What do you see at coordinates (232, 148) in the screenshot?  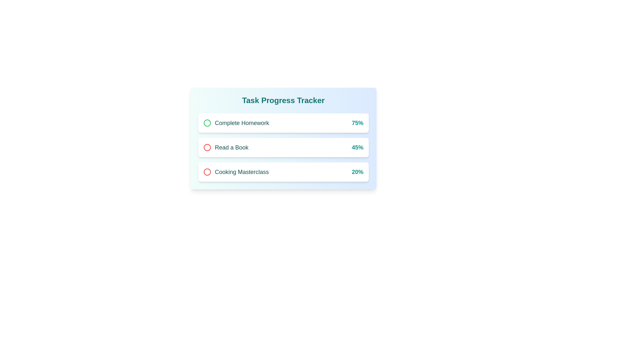 I see `the 'Read a Book' text label, which is bold and teal, positioned centrally in the task list under the 'Task Progress Tracker' header` at bounding box center [232, 148].